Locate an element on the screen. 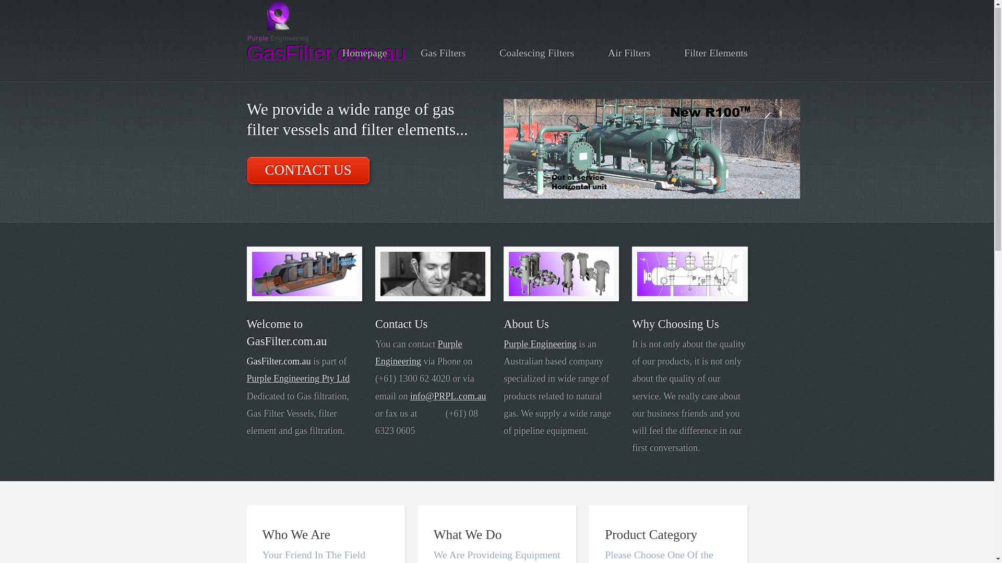  'CONTACT US' is located at coordinates (307, 170).